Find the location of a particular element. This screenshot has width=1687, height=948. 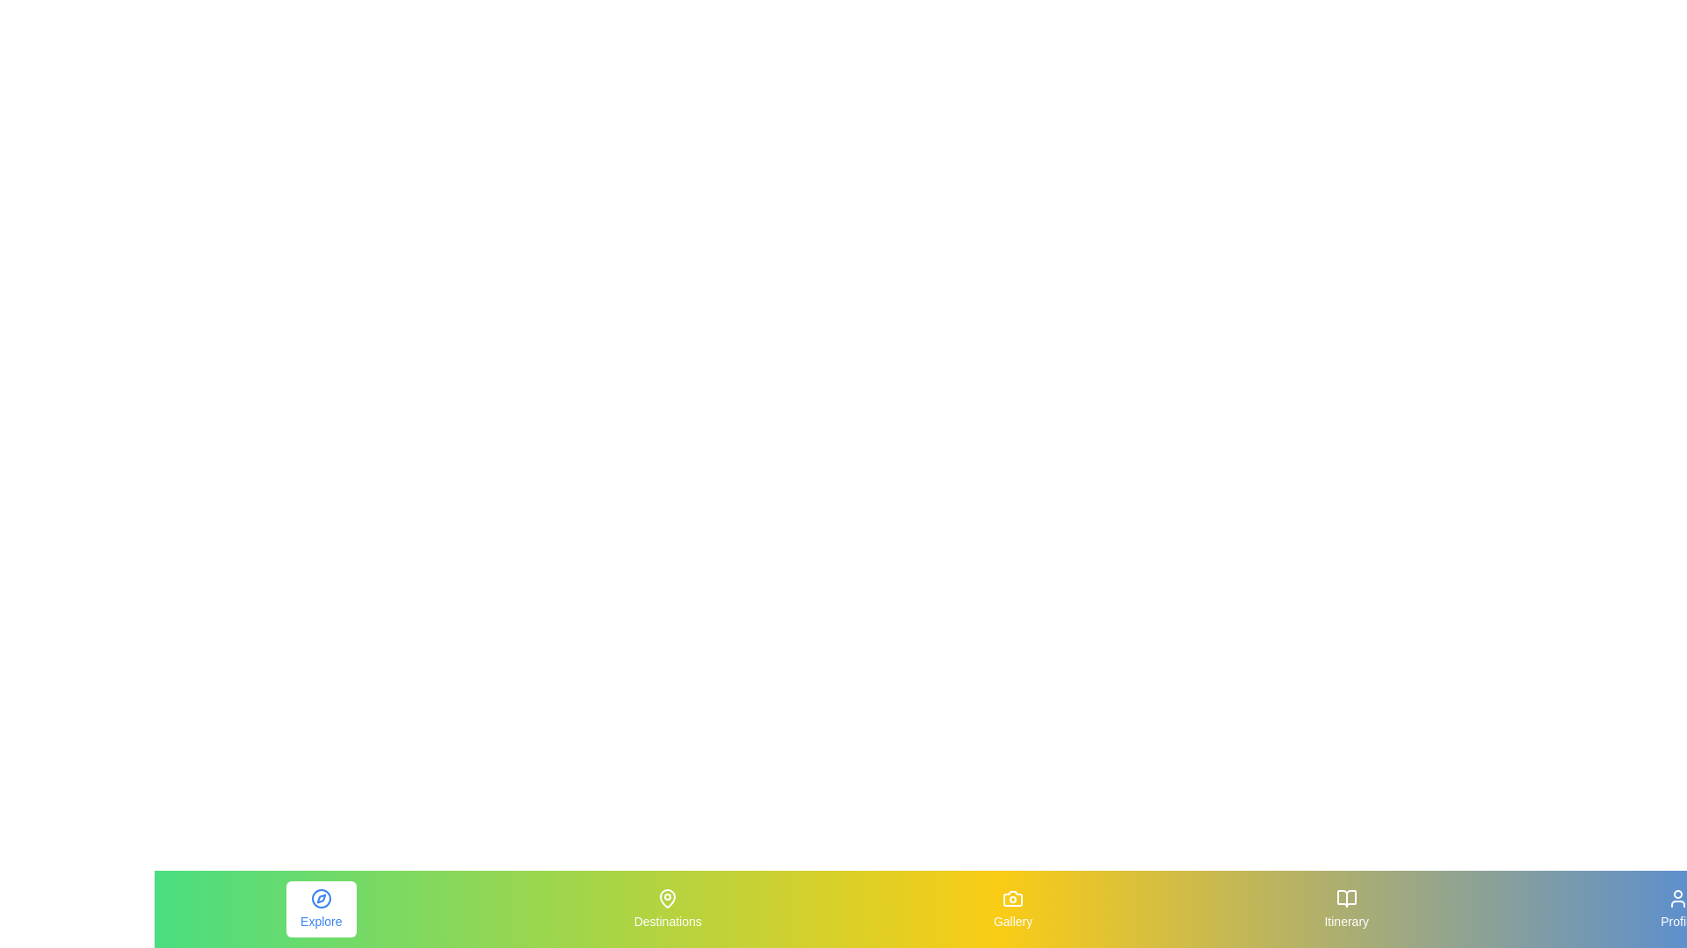

the Profile tab by clicking on its respective icon or label is located at coordinates (1677, 908).